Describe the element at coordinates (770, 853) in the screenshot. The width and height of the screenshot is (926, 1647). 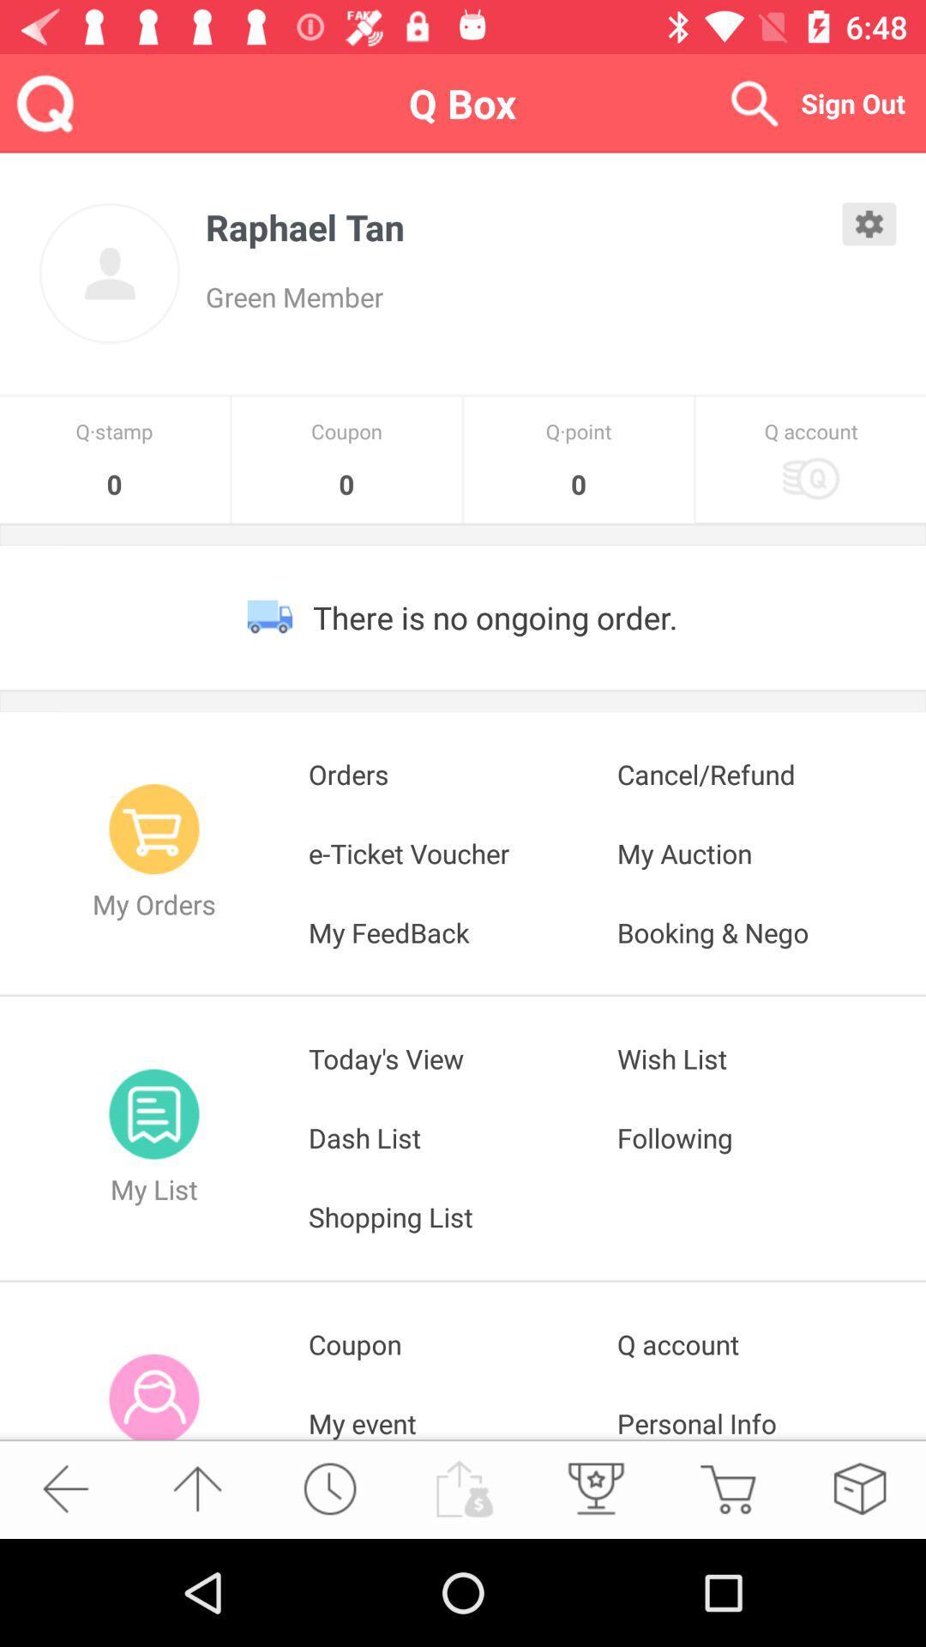
I see `the app below orders icon` at that location.